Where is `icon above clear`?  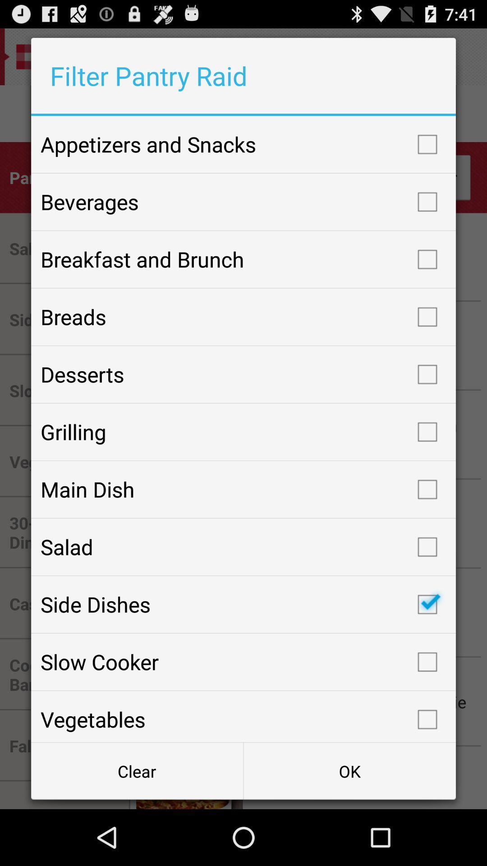 icon above clear is located at coordinates (243, 716).